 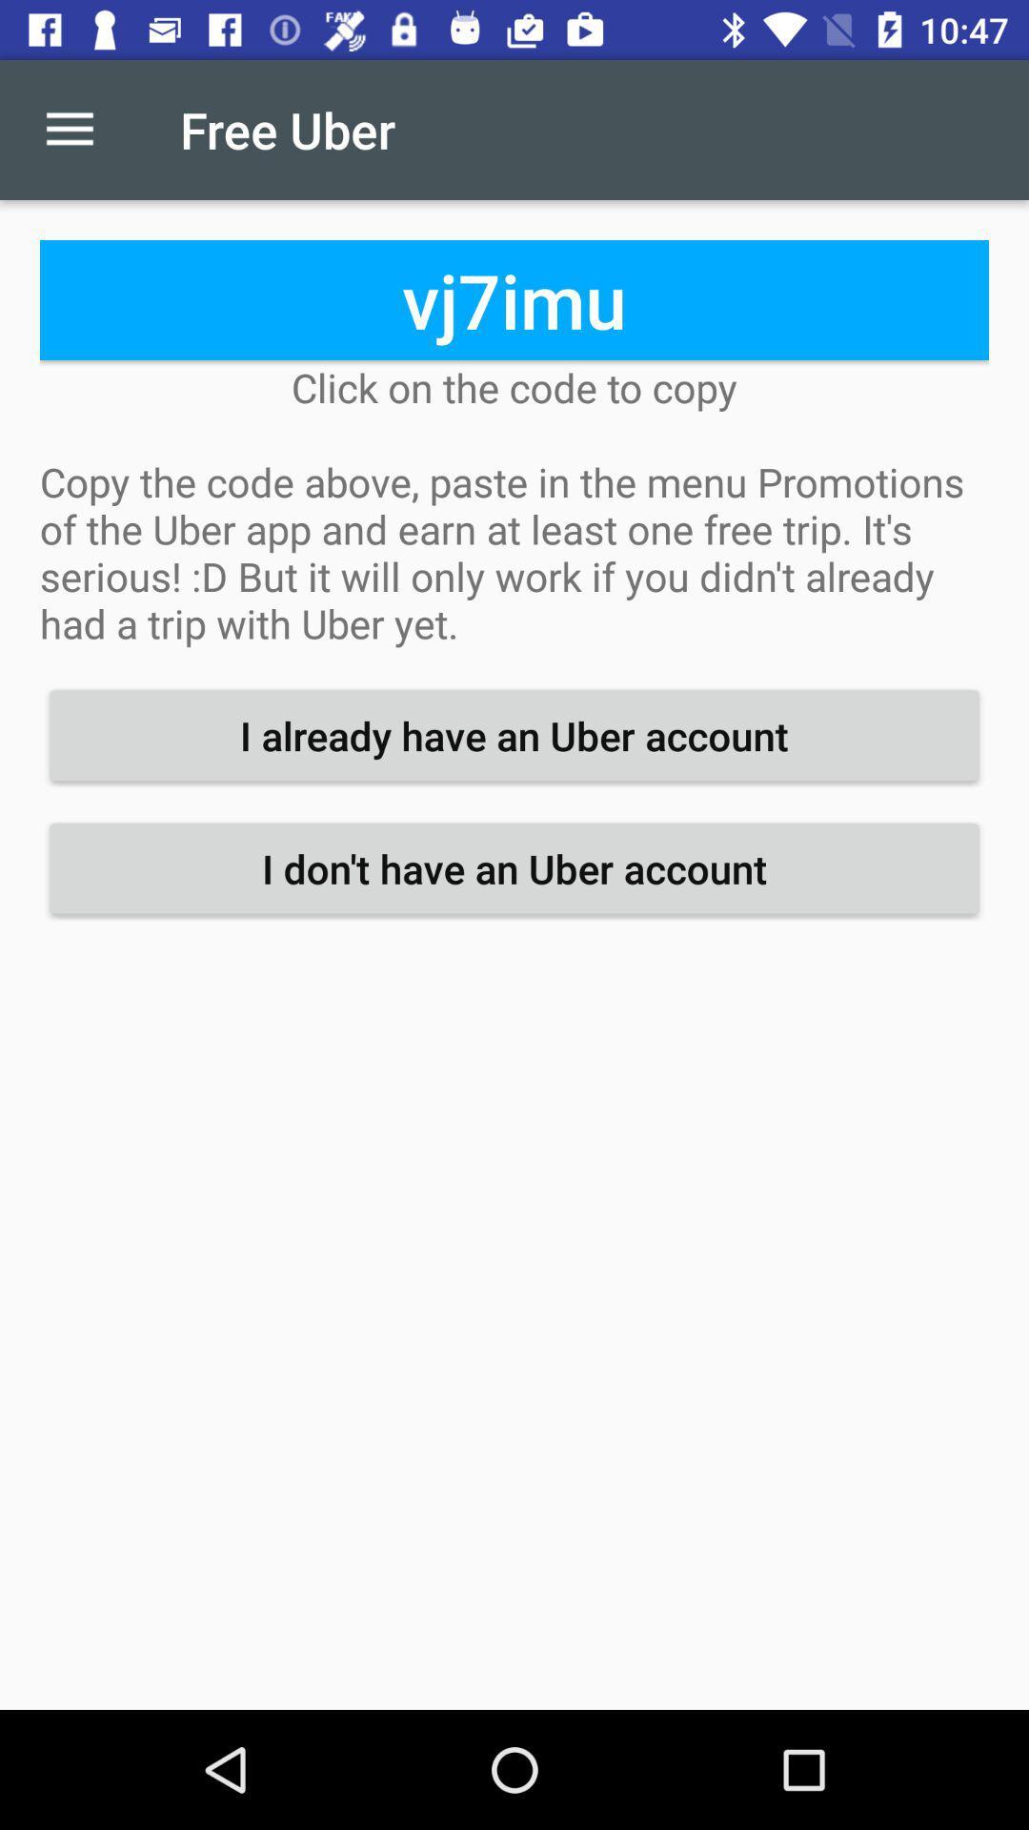 What do you see at coordinates (69, 129) in the screenshot?
I see `the icon above vj7imu` at bounding box center [69, 129].